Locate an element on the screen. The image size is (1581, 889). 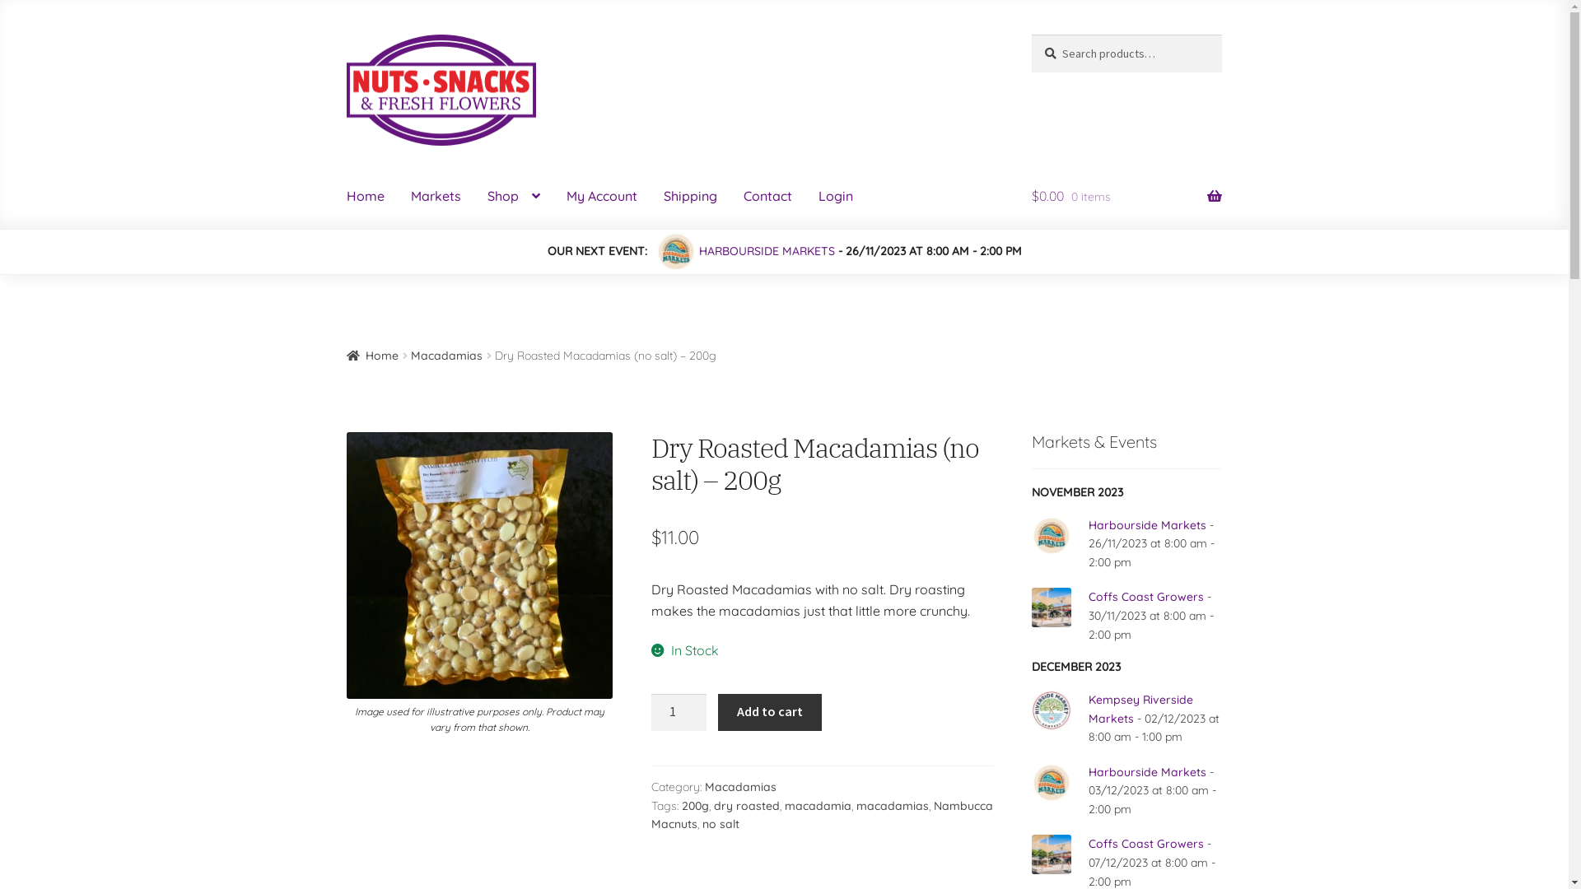
'no salt' is located at coordinates (721, 824).